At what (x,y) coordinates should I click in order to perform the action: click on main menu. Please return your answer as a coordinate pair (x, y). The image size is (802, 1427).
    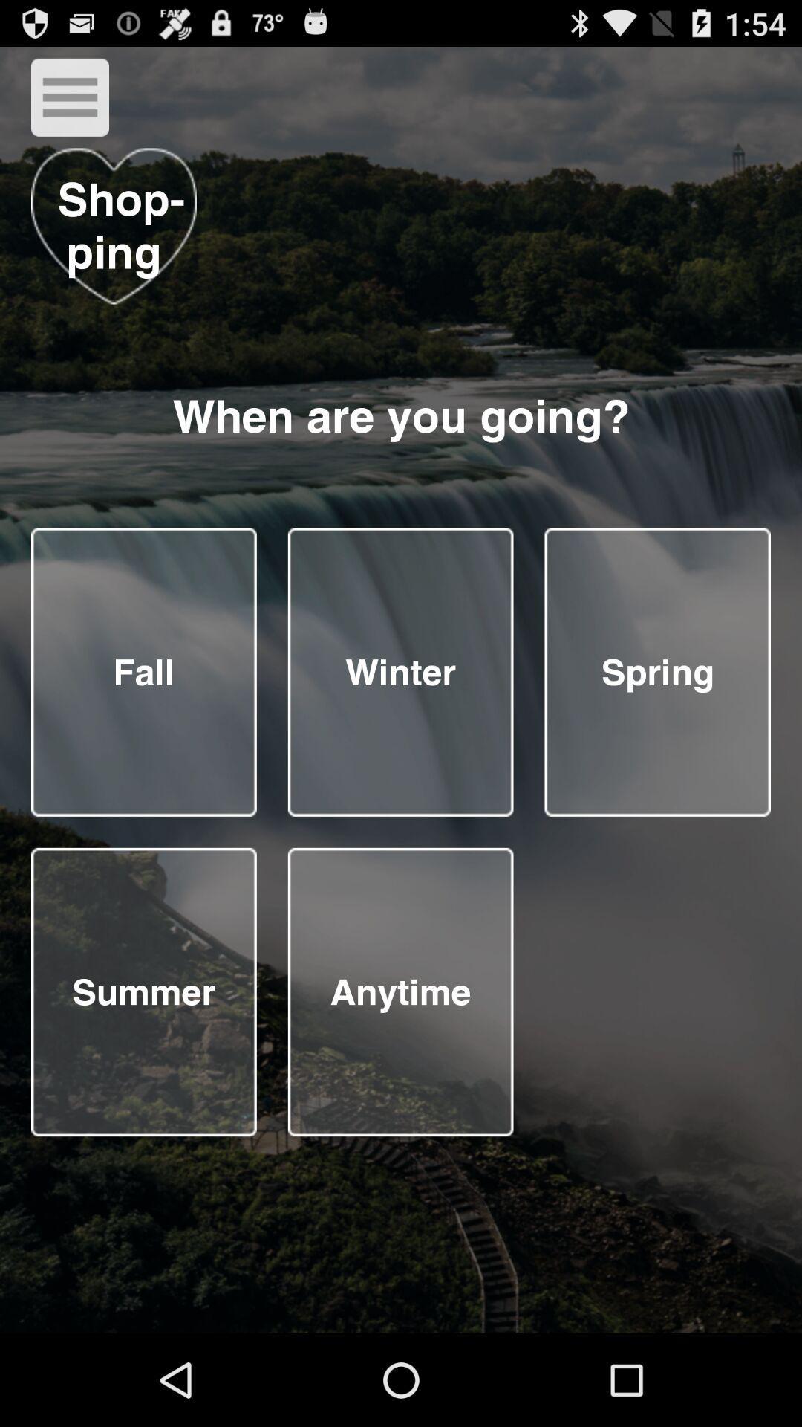
    Looking at the image, I should click on (70, 97).